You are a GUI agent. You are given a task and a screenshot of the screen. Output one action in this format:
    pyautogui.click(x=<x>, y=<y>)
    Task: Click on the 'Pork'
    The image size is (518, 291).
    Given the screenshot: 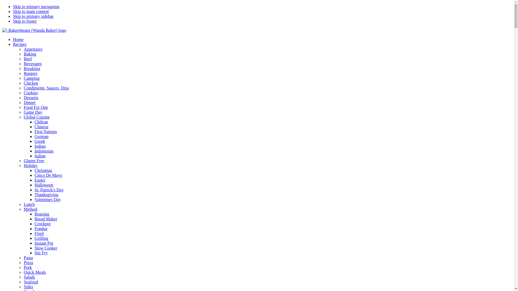 What is the action you would take?
    pyautogui.click(x=27, y=267)
    